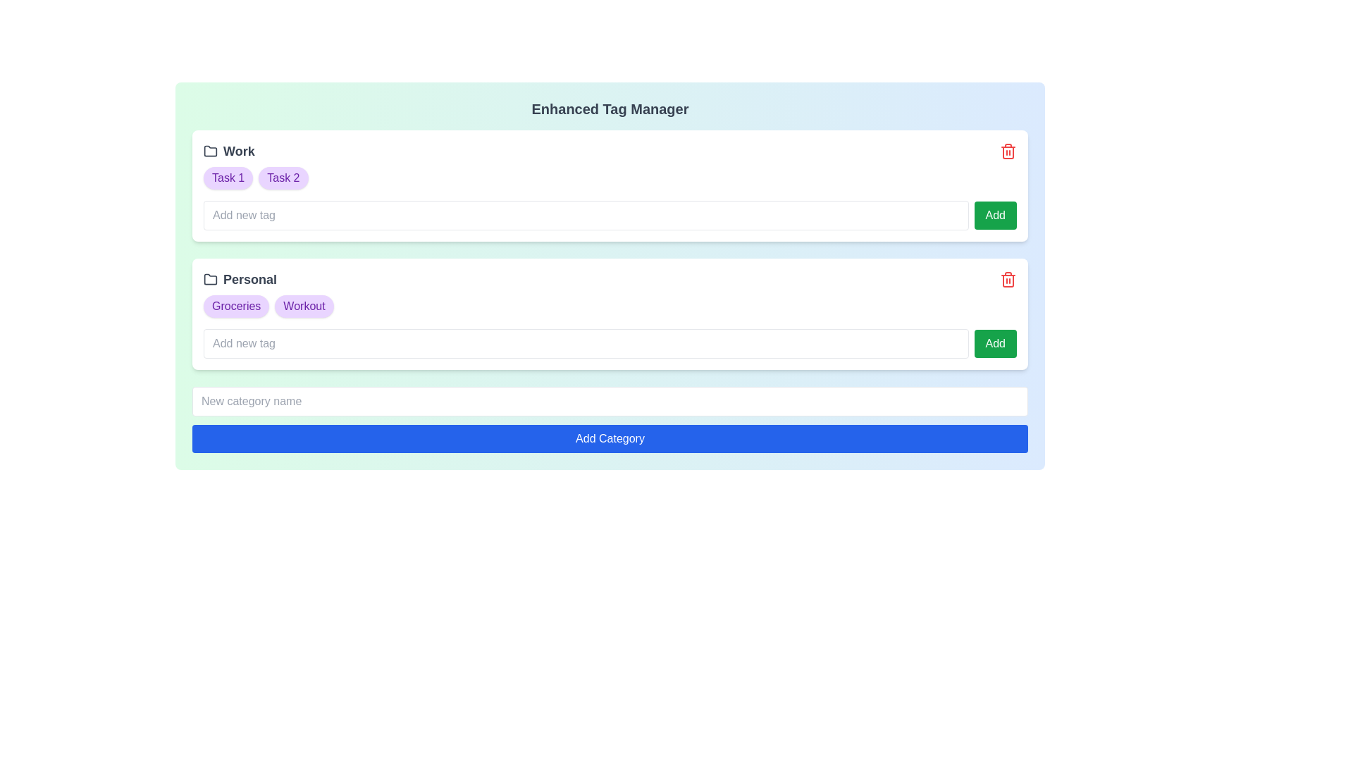 The image size is (1353, 761). What do you see at coordinates (283, 178) in the screenshot?
I see `the second label in the 'Work' section that categorizes tasks, which follows 'Task 1'` at bounding box center [283, 178].